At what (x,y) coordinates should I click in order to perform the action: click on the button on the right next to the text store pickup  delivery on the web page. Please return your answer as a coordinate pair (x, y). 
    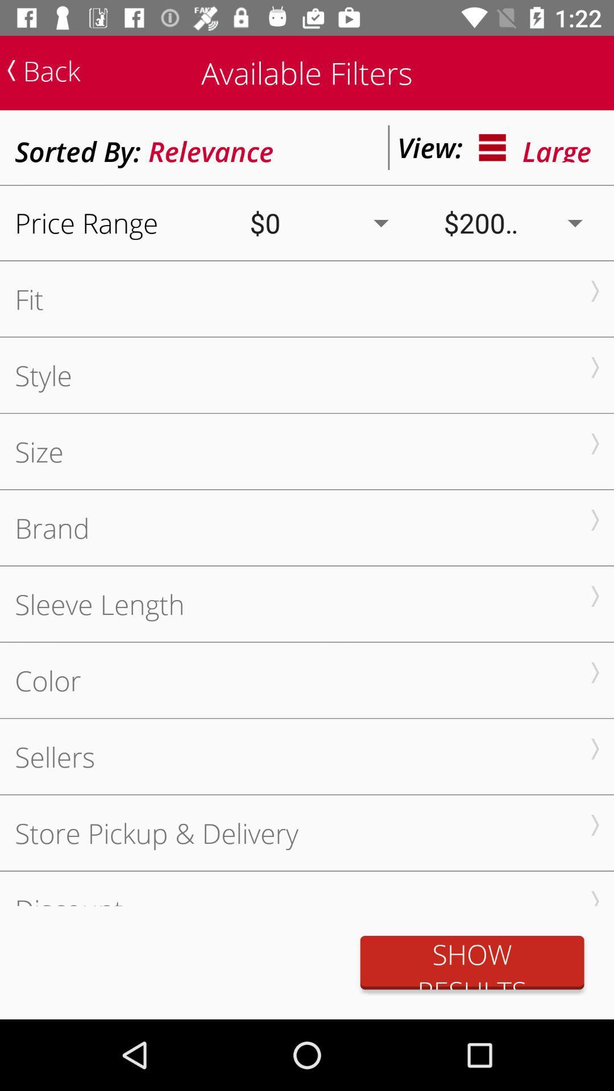
    Looking at the image, I should click on (594, 825).